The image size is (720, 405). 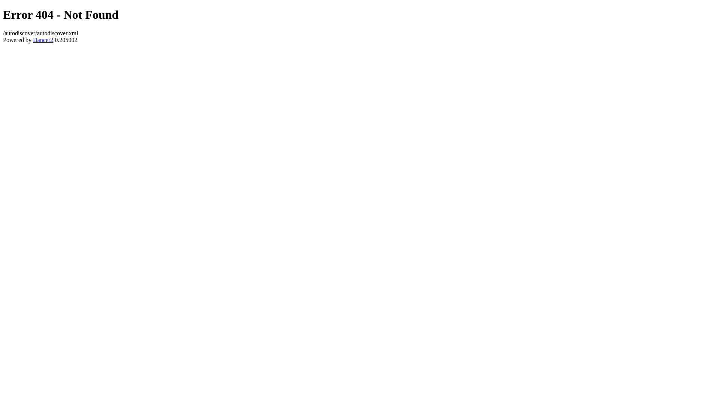 I want to click on 'Dancer2', so click(x=43, y=40).